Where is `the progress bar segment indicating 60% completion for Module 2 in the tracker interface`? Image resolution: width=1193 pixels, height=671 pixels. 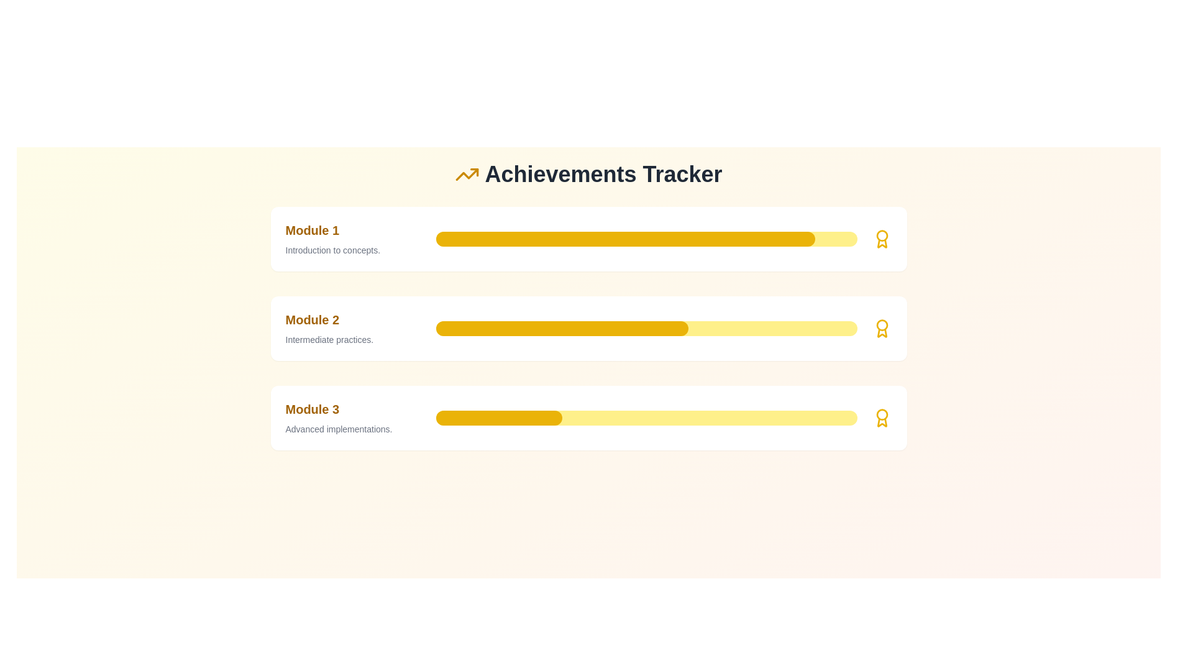 the progress bar segment indicating 60% completion for Module 2 in the tracker interface is located at coordinates (561, 327).